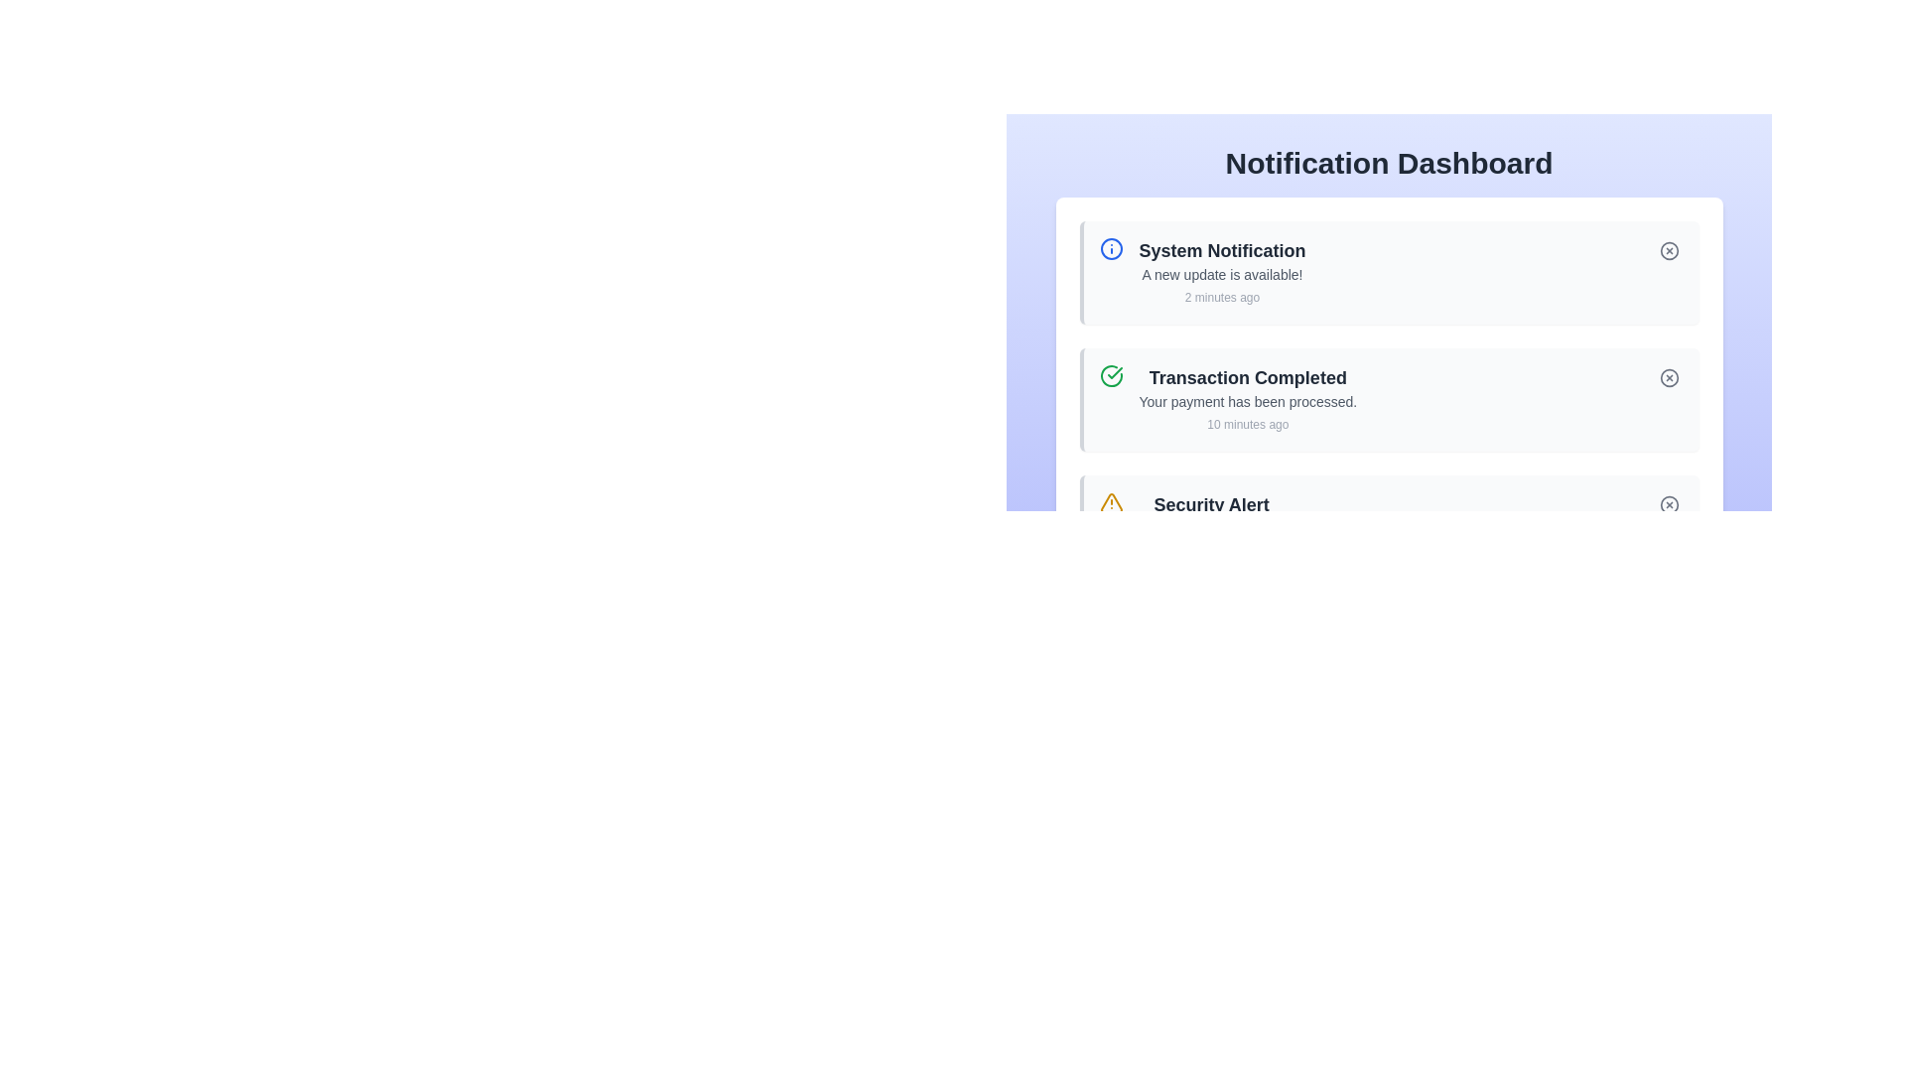  I want to click on the informative Text label about the availability of a new update, located between the title 'System Notification' and the timestamp '2 minutes ago' in the first notification card of the Notification Dashboard, so click(1221, 275).